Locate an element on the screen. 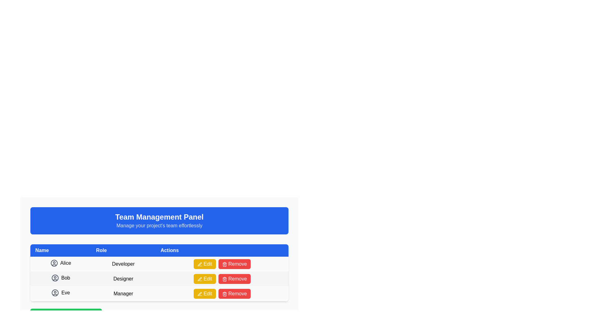 The height and width of the screenshot is (334, 595). the label with the name 'Eve' which is represented by a user icon in the 'Name' column of the third row of the table is located at coordinates (60, 292).